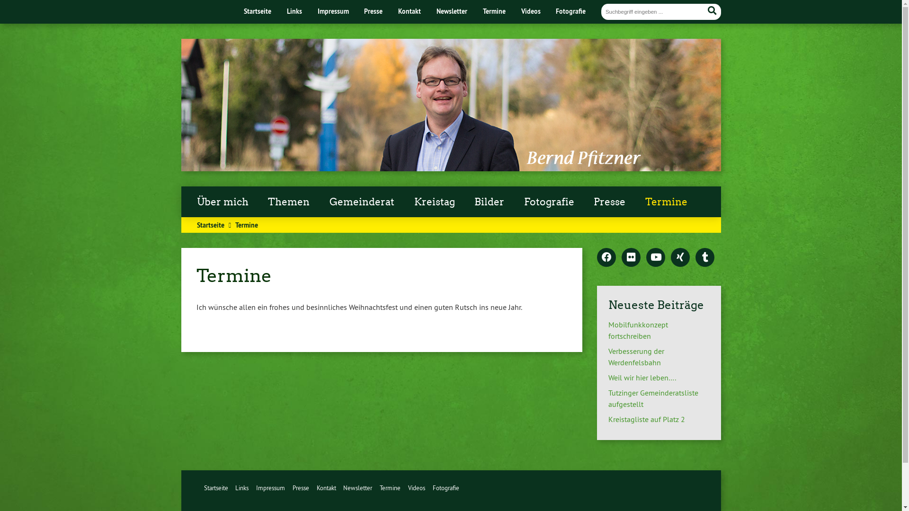  Describe the element at coordinates (638, 330) in the screenshot. I see `'Mobilfunkkonzept fortschreiben'` at that location.